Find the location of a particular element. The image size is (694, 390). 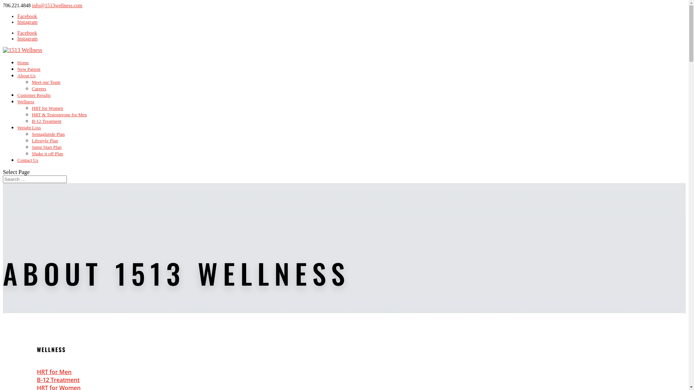

'Meet our Team' is located at coordinates (31, 82).